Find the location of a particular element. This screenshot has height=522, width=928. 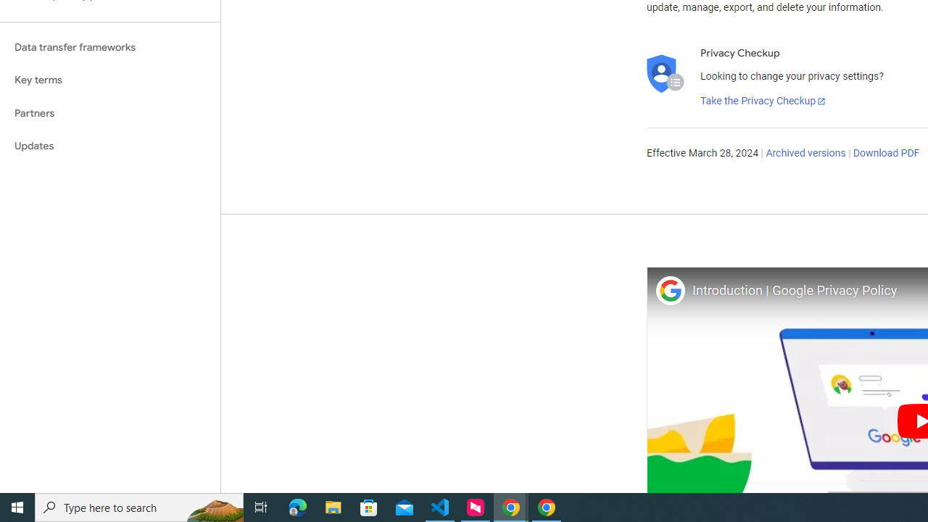

'Archived versions' is located at coordinates (805, 154).